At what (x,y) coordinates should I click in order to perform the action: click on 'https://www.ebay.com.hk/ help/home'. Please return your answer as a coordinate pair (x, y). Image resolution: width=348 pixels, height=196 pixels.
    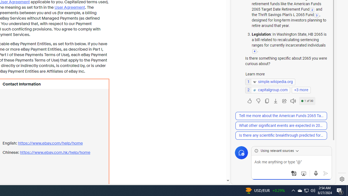
    Looking at the image, I should click on (55, 152).